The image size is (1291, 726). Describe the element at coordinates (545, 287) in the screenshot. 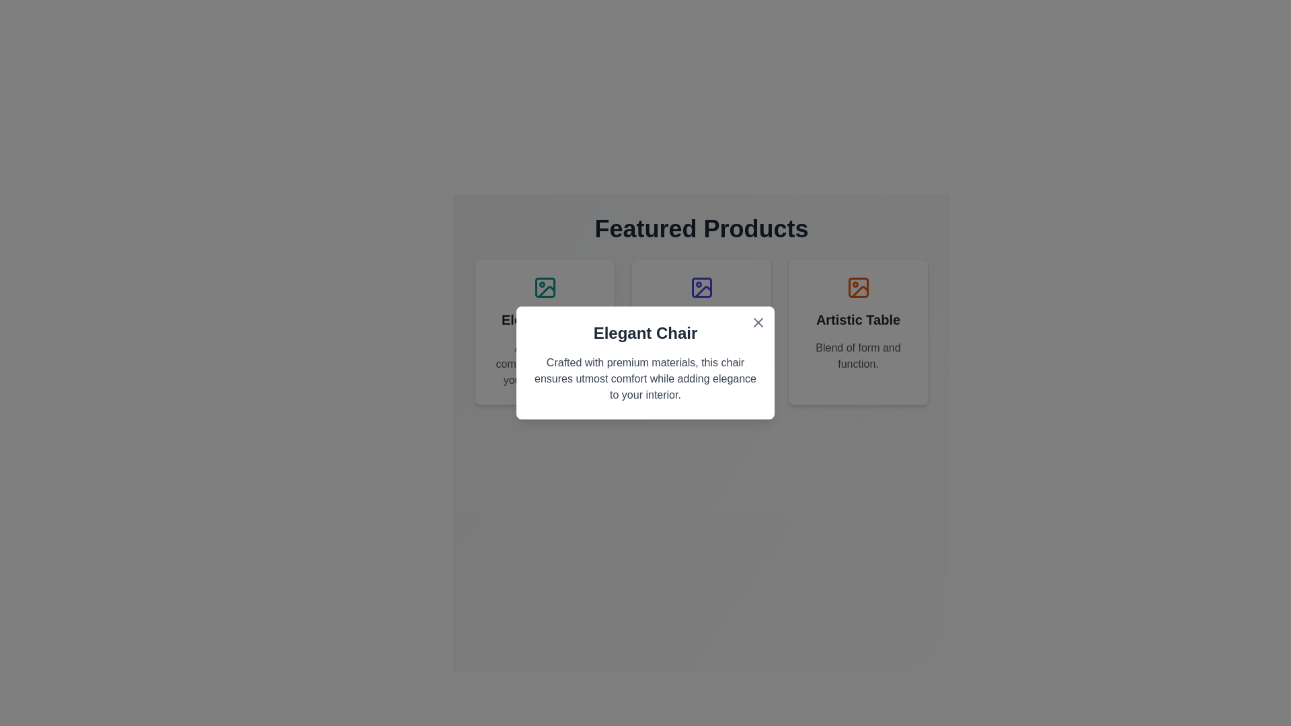

I see `the icon representing the 'Elegant Chair' at the top section of its card, which is visually depicted and centered horizontally above the card's text content` at that location.